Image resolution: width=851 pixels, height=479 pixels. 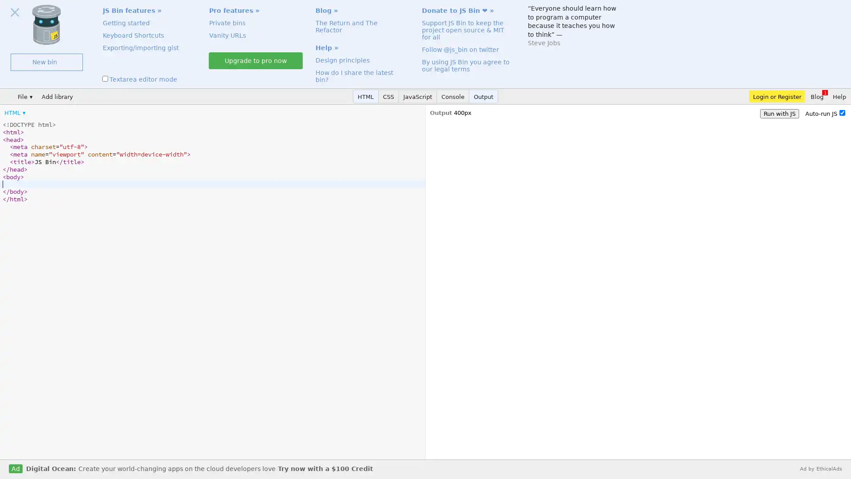 I want to click on HTML Panel: Active, so click(x=366, y=96).